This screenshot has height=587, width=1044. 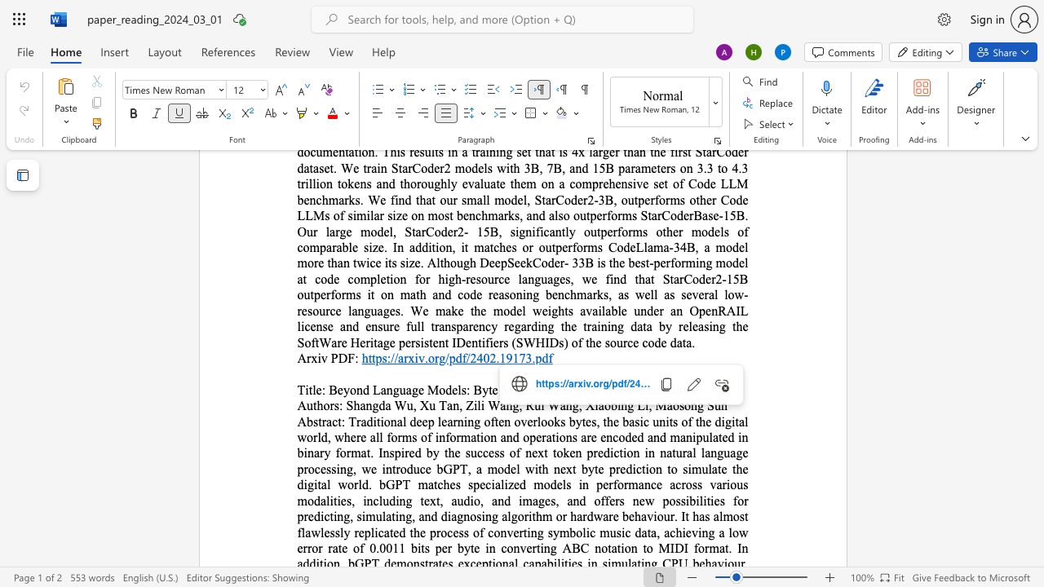 What do you see at coordinates (475, 404) in the screenshot?
I see `the 1th character "i" in the text` at bounding box center [475, 404].